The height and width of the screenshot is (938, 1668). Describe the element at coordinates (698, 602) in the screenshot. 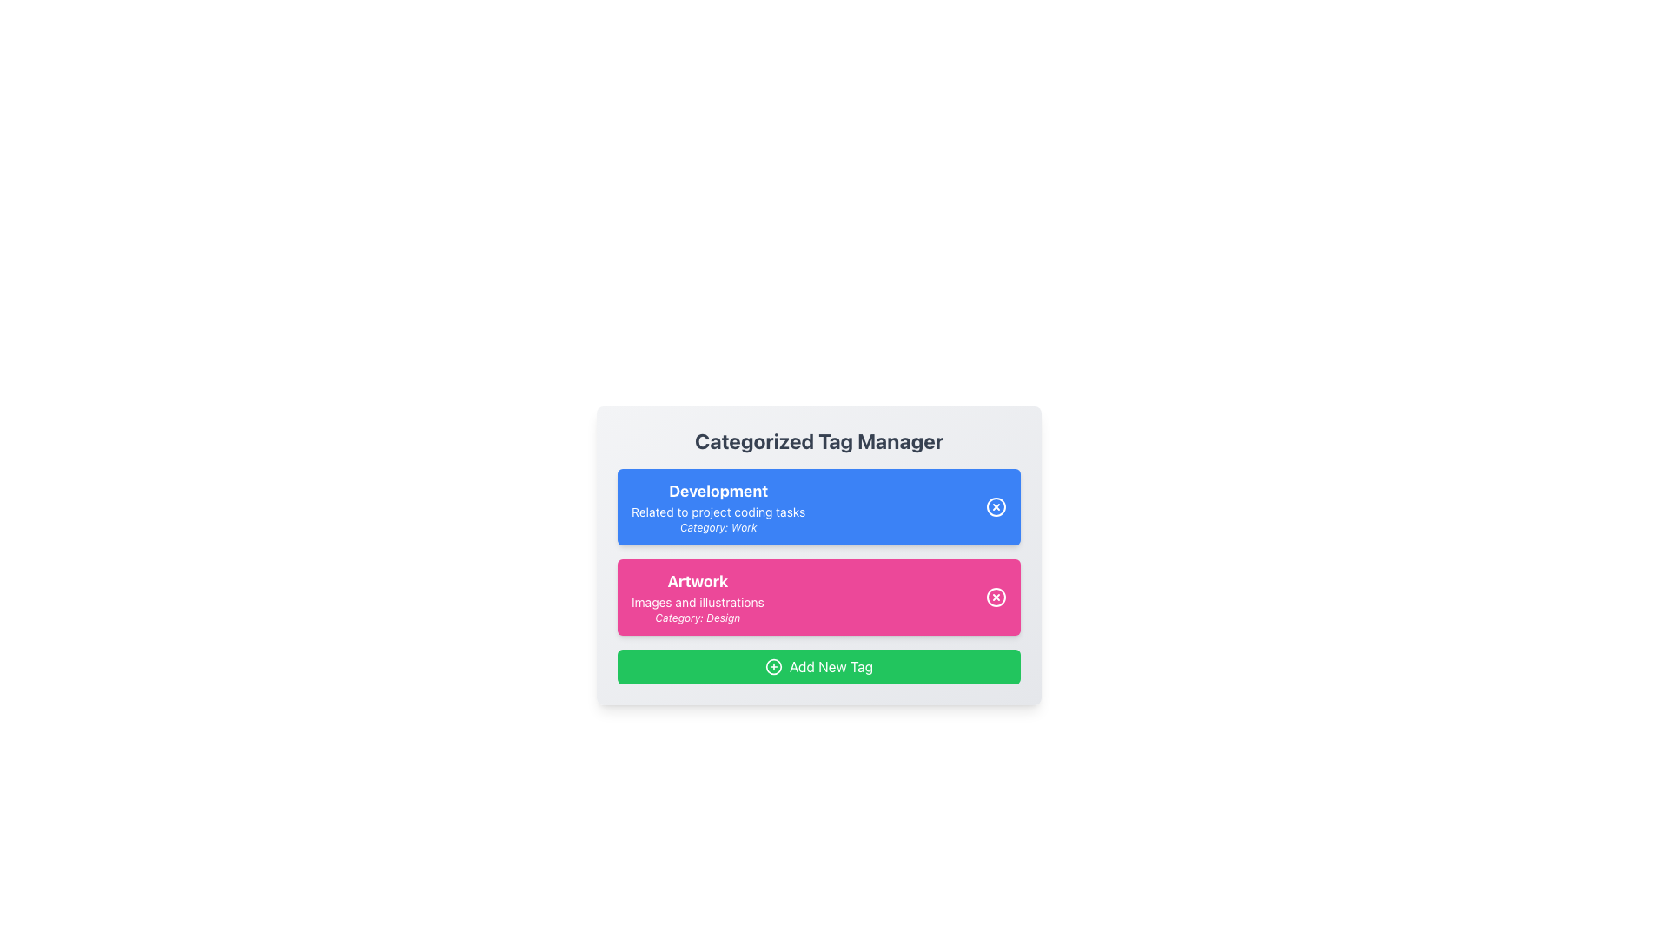

I see `the static text label reading 'Images and illustrations' that is located underneath the 'Artwork' heading and above the 'Category: Design' label` at that location.